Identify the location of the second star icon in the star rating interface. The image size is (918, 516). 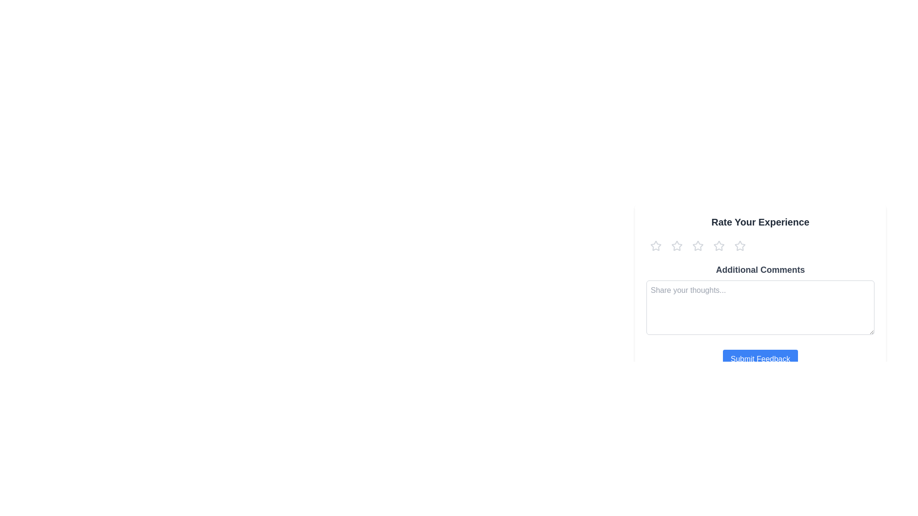
(698, 245).